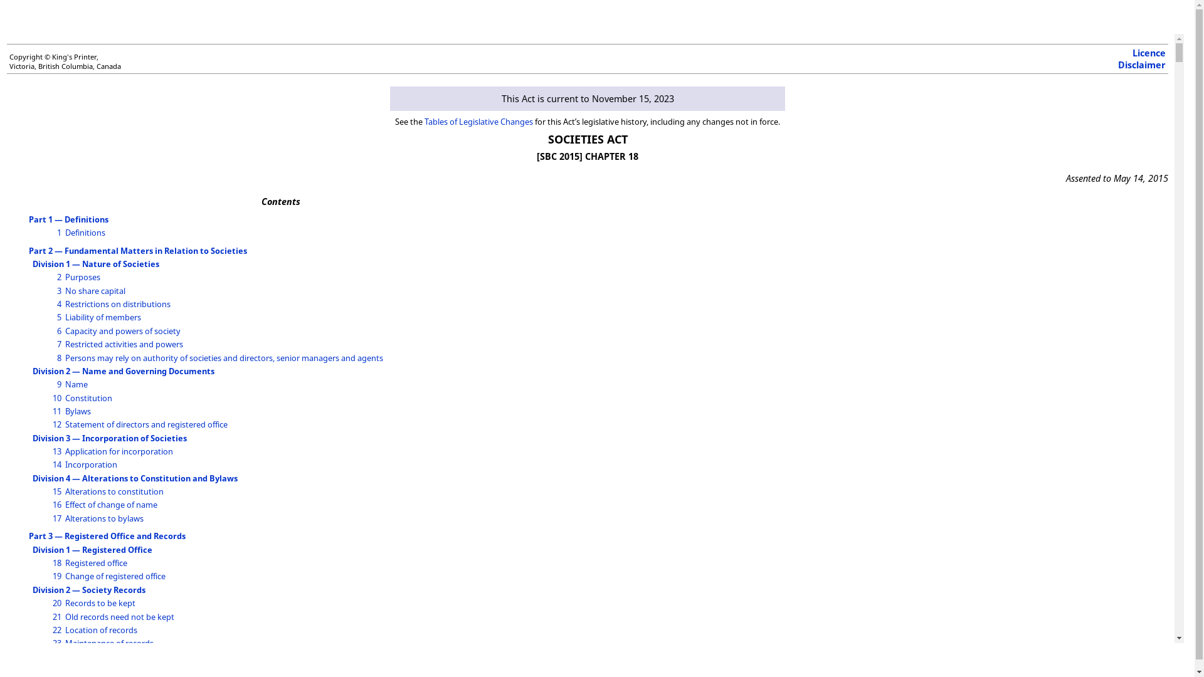 This screenshot has height=677, width=1204. What do you see at coordinates (56, 411) in the screenshot?
I see `'11'` at bounding box center [56, 411].